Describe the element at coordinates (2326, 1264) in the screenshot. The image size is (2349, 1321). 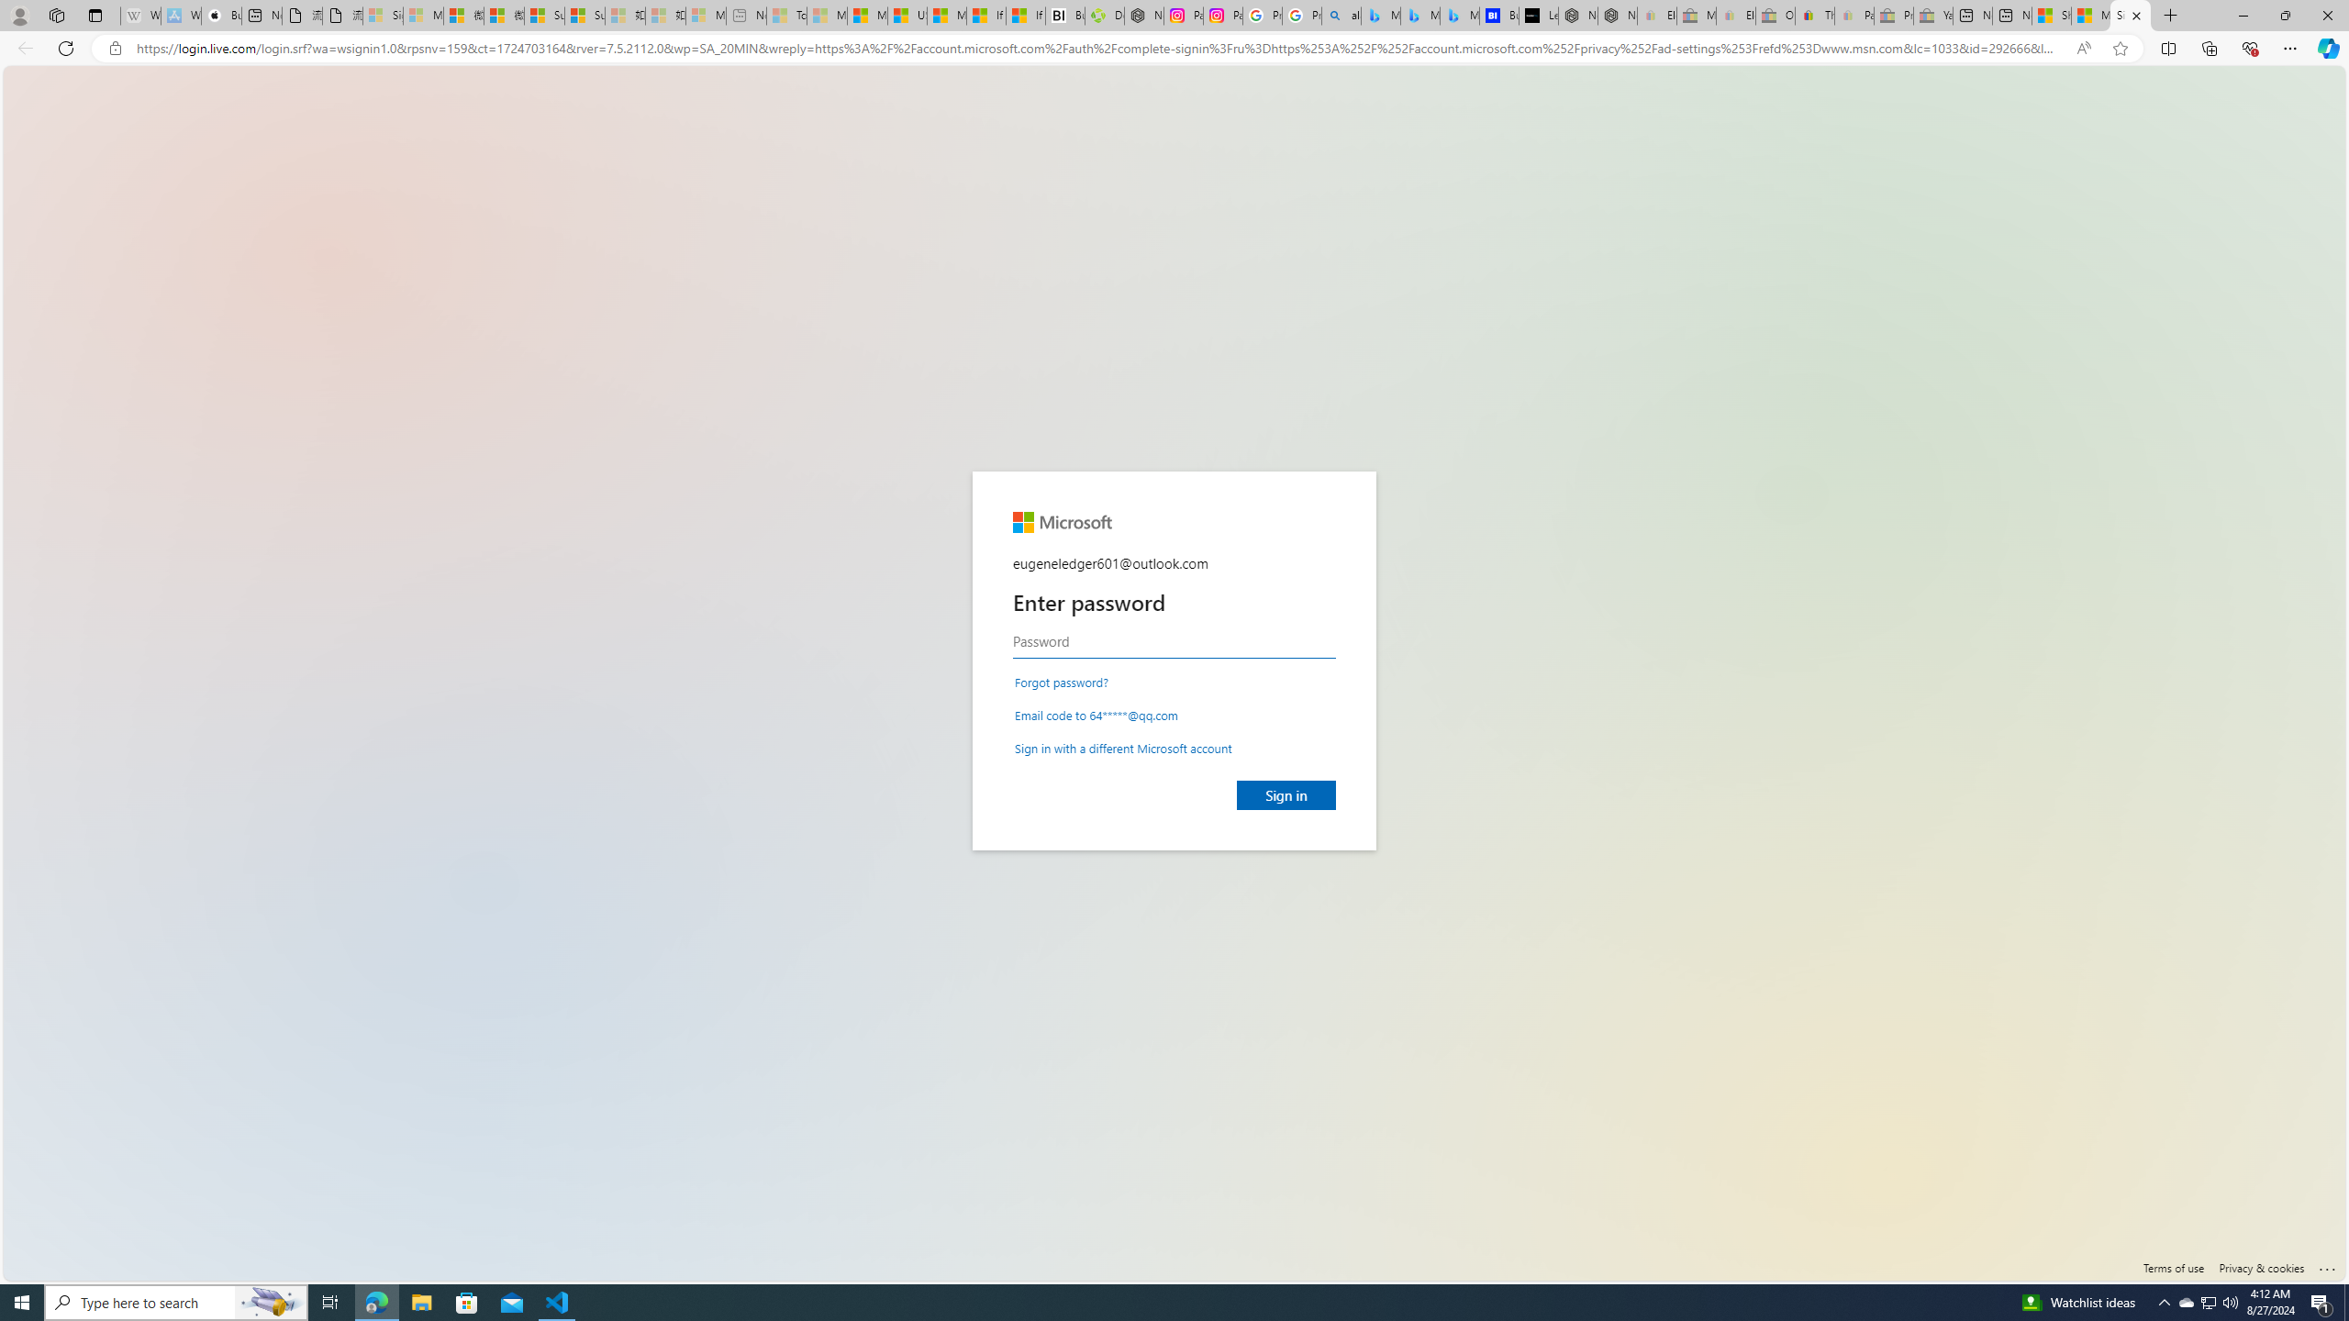
I see `'Click here for troubleshooting information'` at that location.